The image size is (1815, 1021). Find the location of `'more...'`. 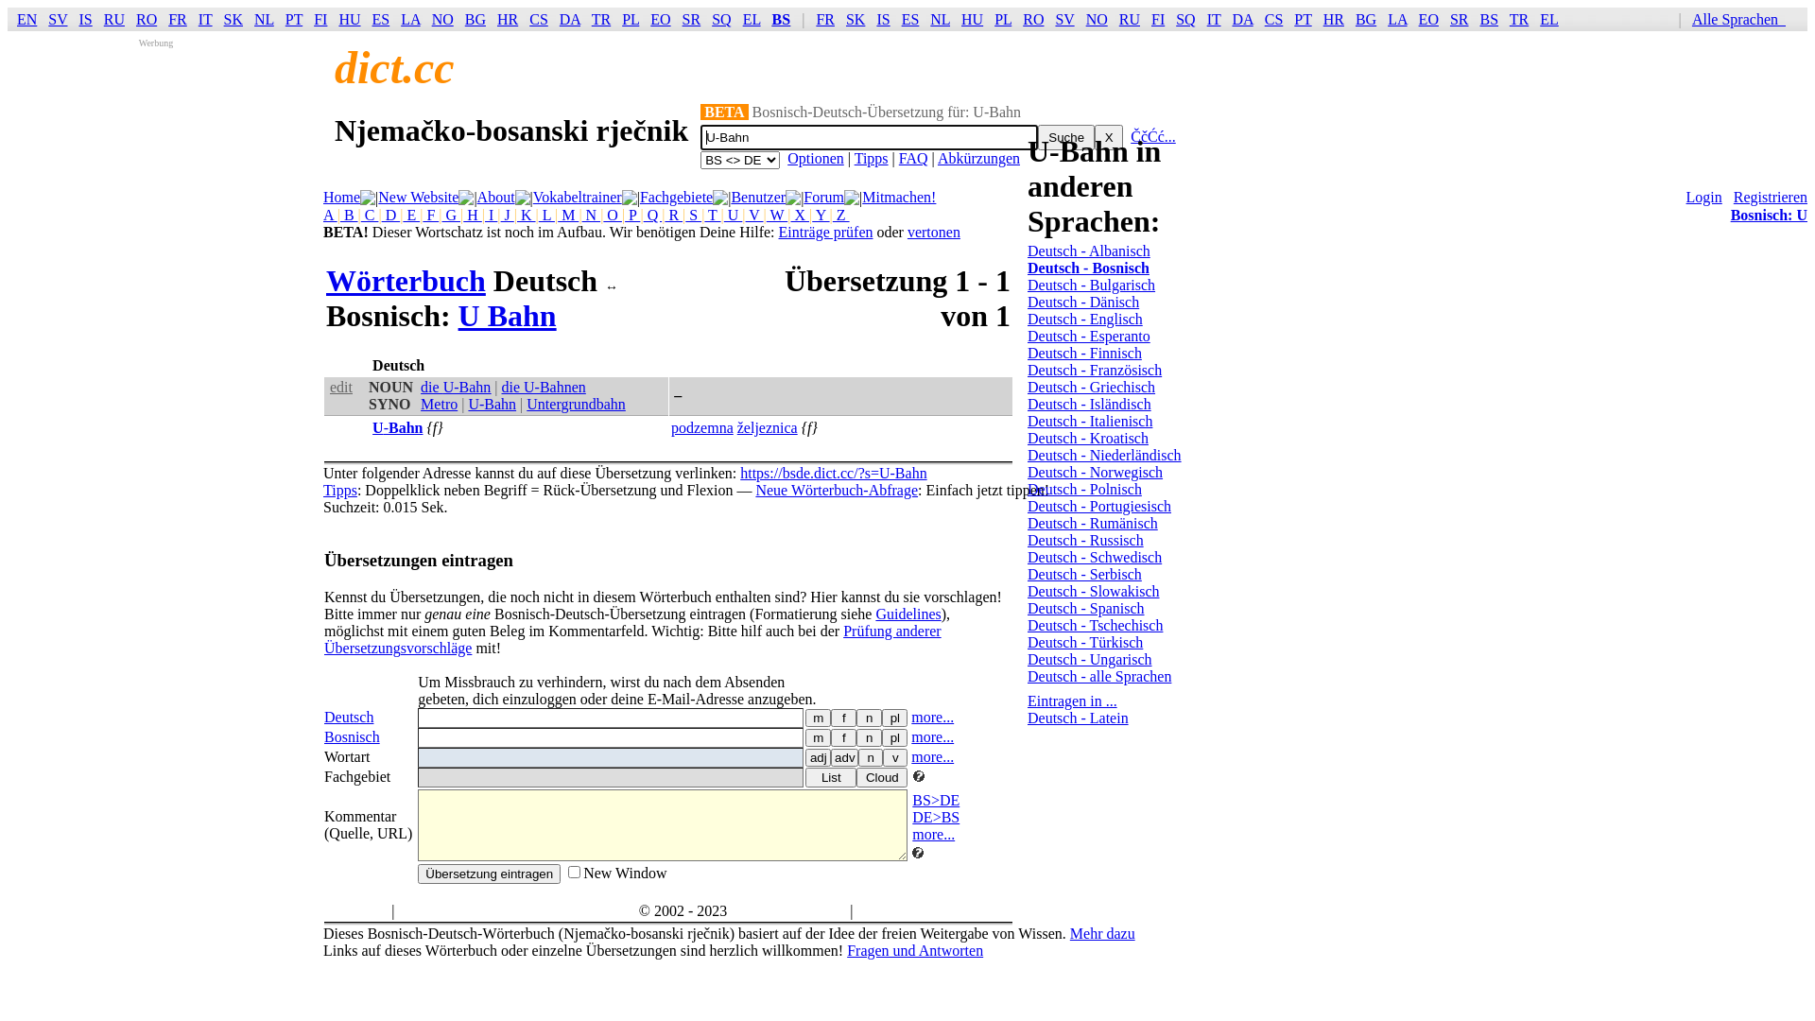

'more...' is located at coordinates (932, 735).